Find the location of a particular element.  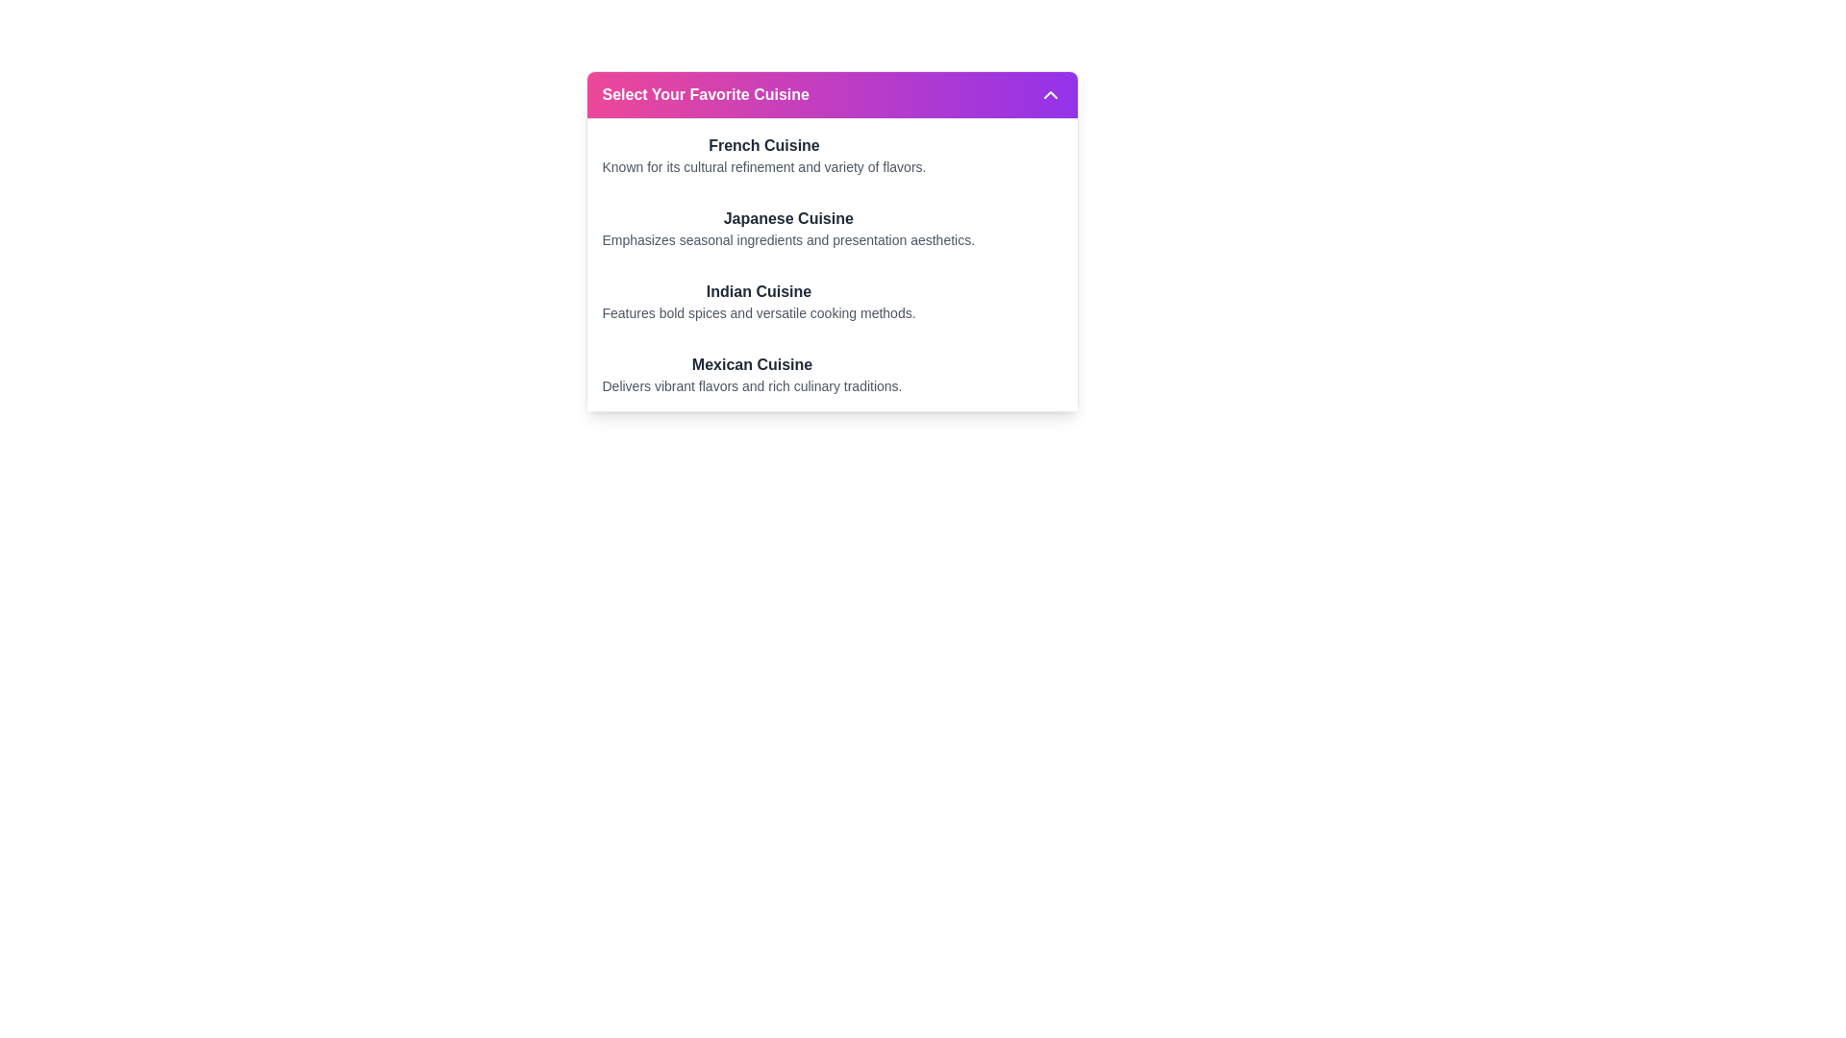

the static text display that describes Japanese cuisine, which is positioned below 'French Cuisine' and above 'Indian Cuisine' in the list under the header 'Select Your Favorite Cuisine.' is located at coordinates (832, 228).